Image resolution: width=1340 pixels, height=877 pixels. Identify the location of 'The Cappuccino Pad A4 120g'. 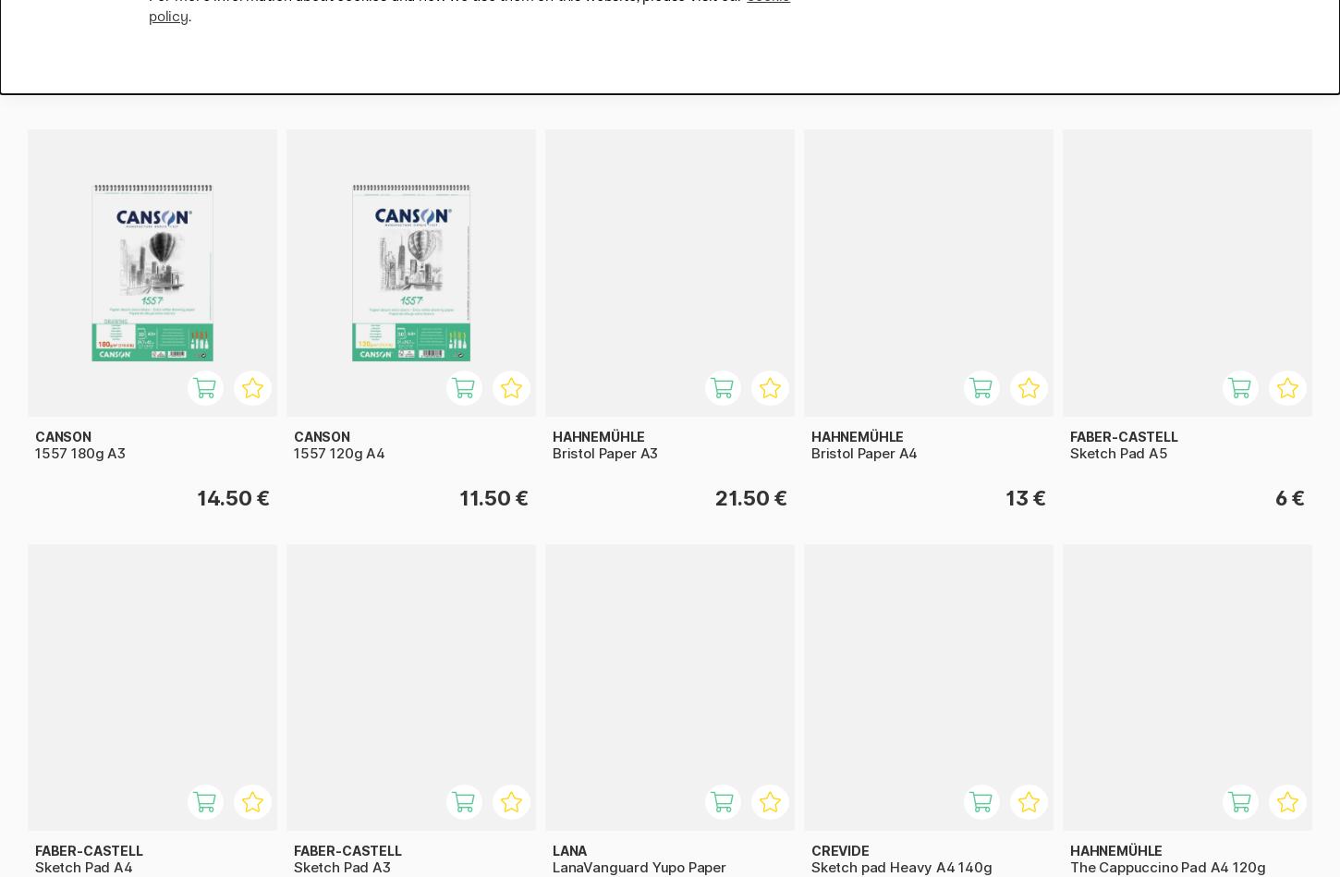
(1167, 866).